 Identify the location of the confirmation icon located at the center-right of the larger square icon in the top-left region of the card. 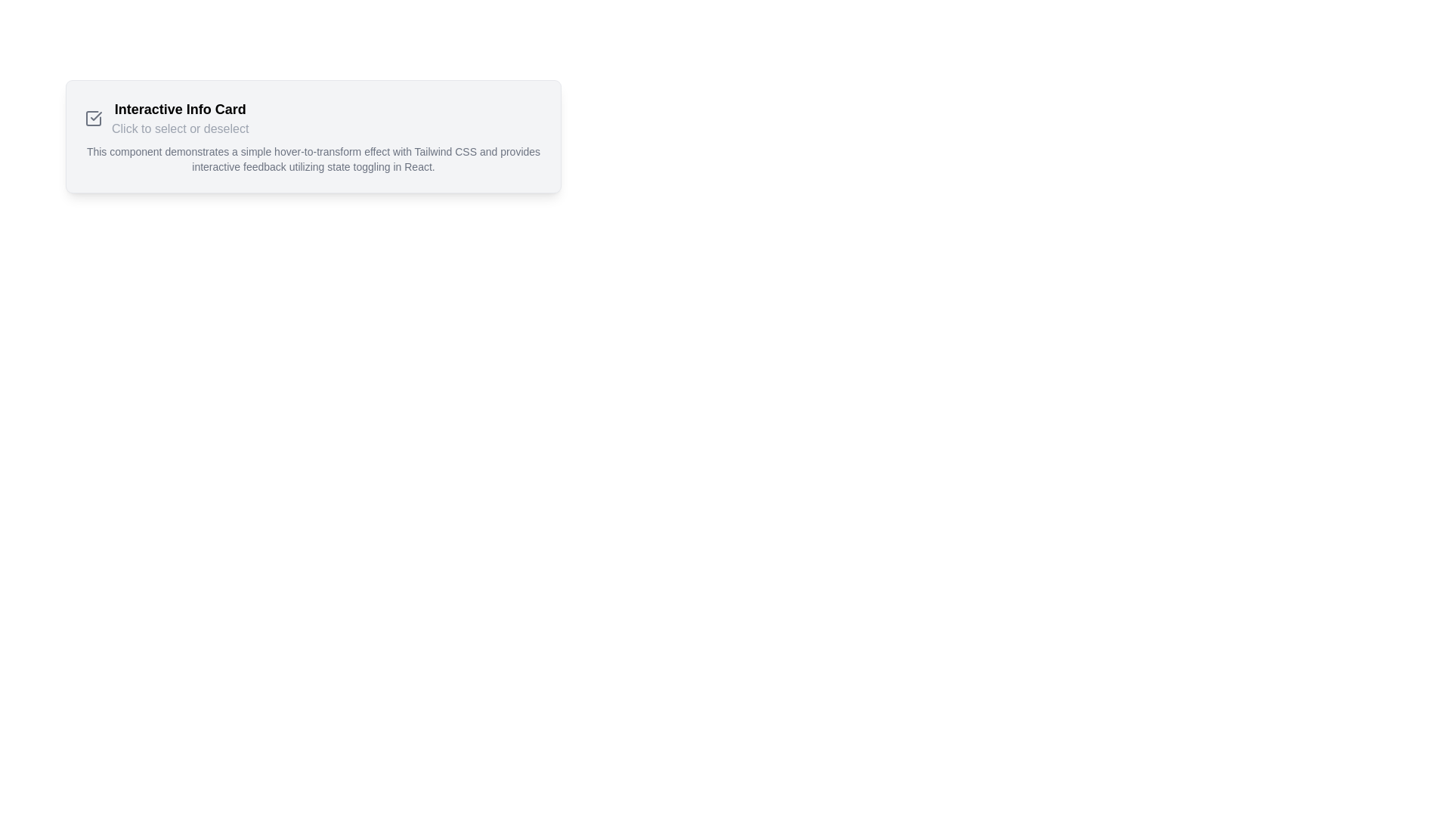
(95, 116).